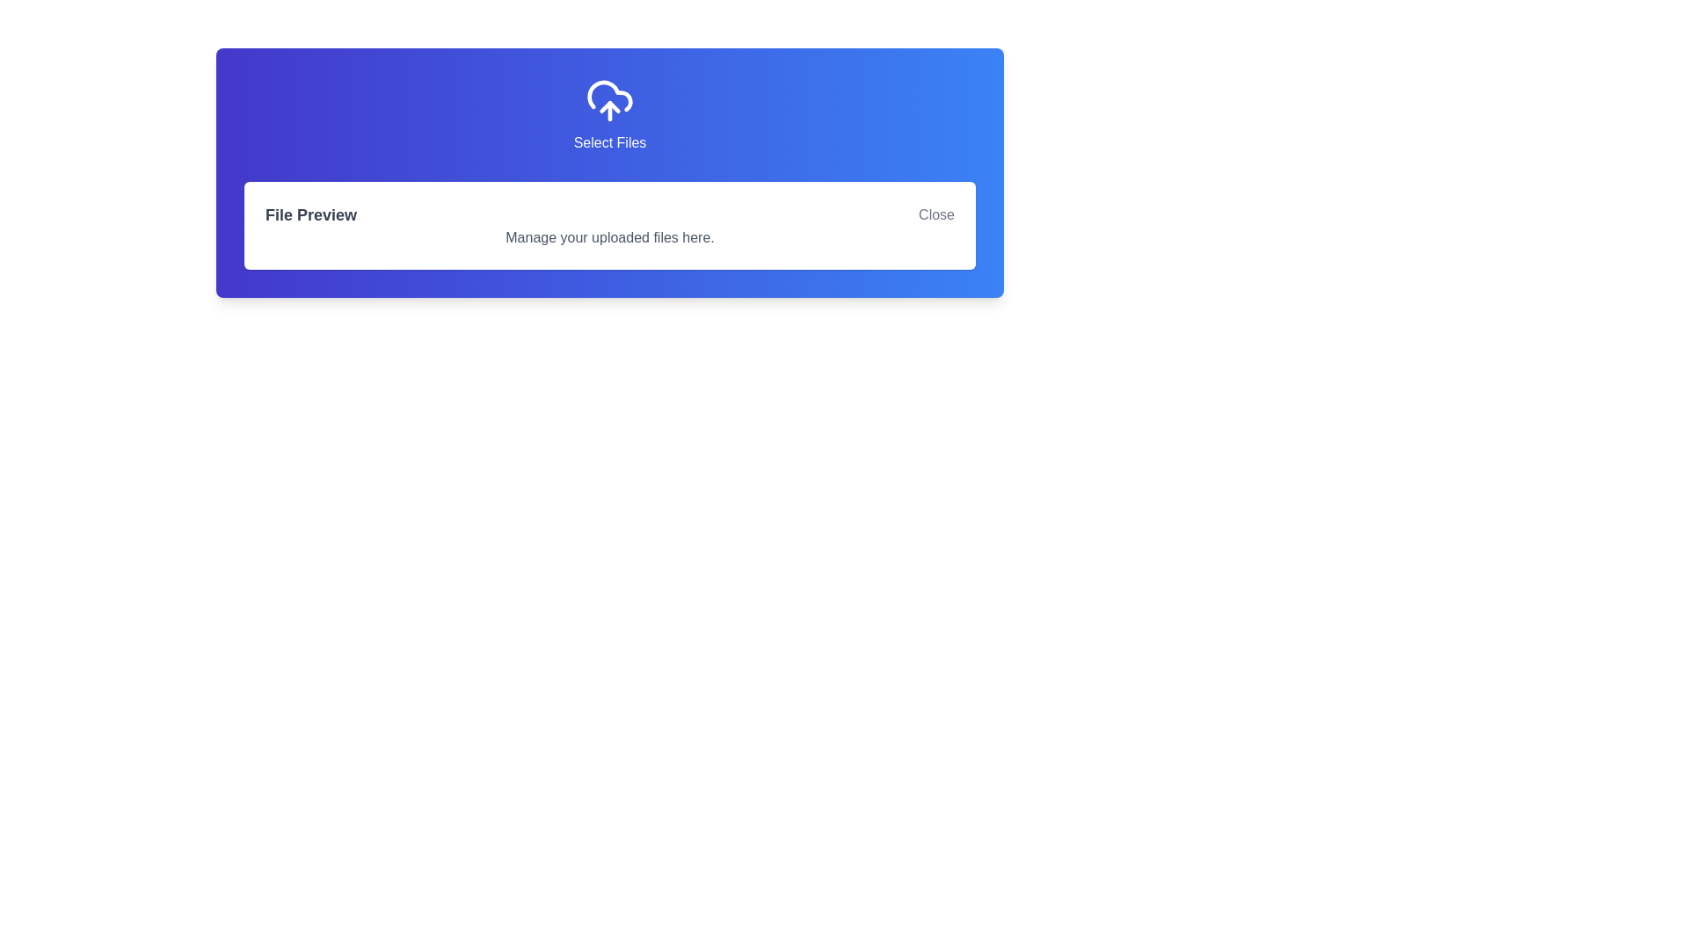 This screenshot has width=1688, height=949. I want to click on the downward-pointing arrow icon that is part of the cloud upload representation at the top-center of the interface, so click(610, 107).